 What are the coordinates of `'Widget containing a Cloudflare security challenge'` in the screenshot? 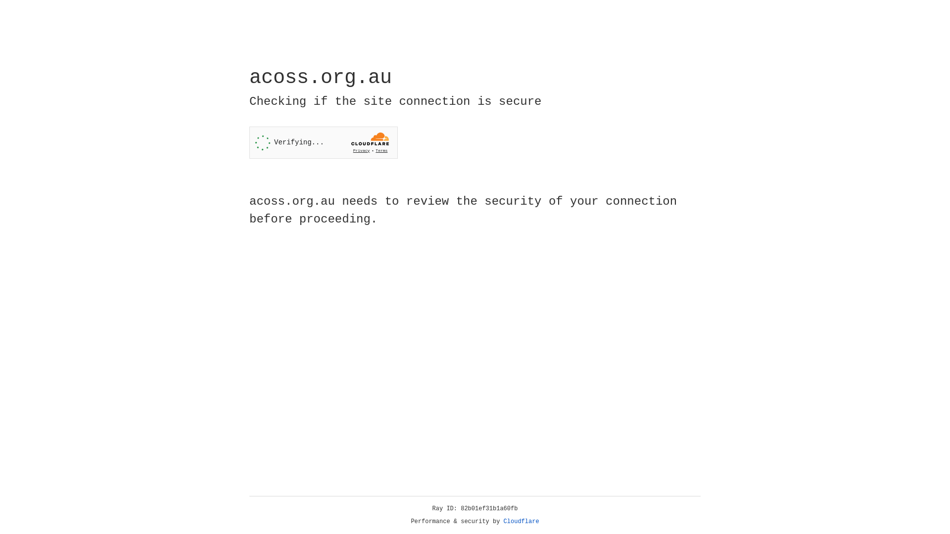 It's located at (323, 142).